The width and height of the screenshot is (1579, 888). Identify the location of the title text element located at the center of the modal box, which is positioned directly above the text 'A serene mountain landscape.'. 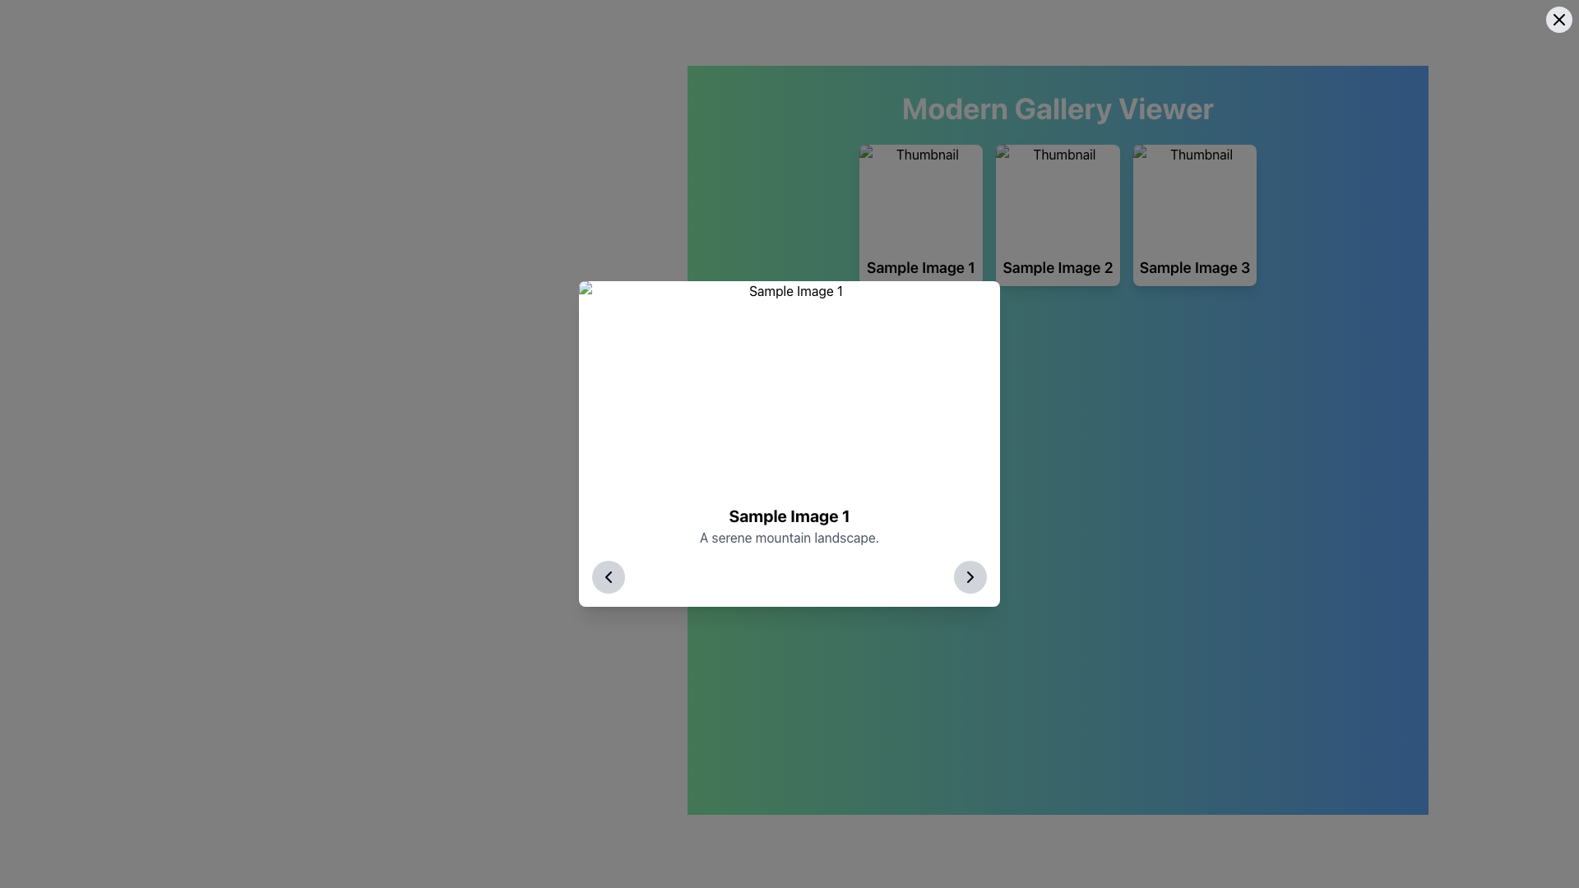
(789, 516).